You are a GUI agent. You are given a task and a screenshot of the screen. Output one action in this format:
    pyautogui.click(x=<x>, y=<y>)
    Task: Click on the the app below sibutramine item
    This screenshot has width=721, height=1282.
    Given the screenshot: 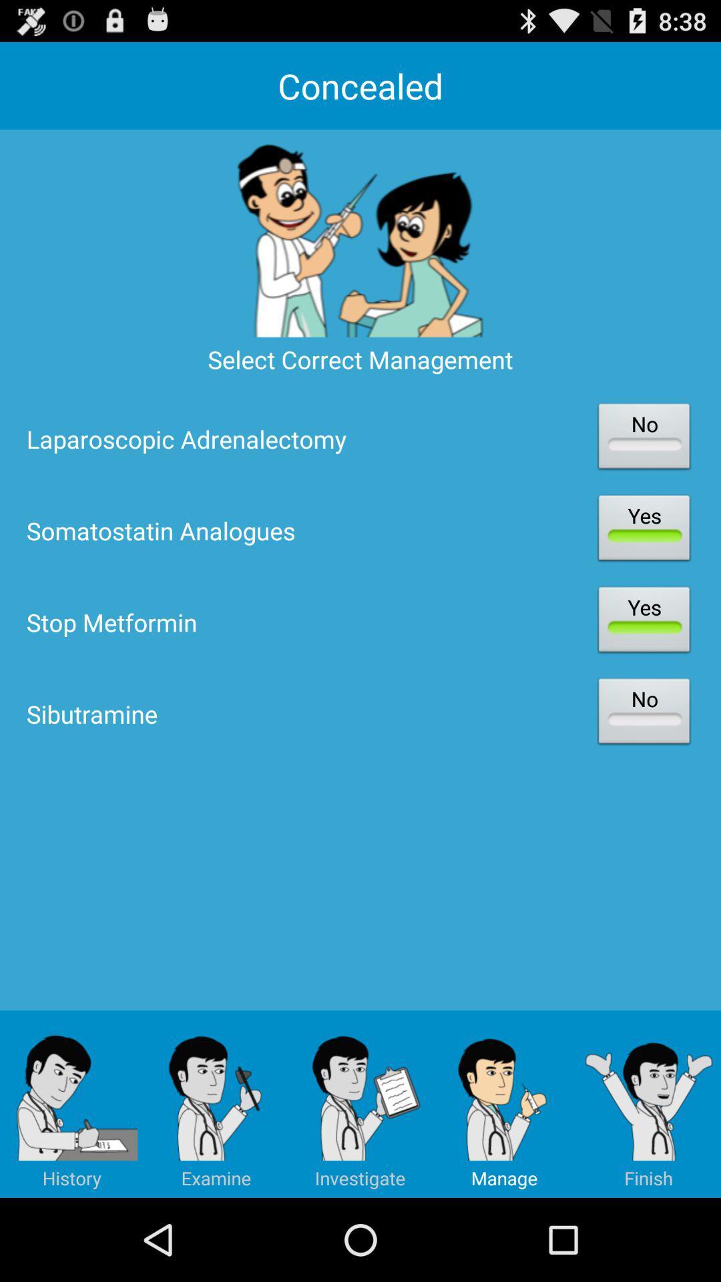 What is the action you would take?
    pyautogui.click(x=360, y=1104)
    